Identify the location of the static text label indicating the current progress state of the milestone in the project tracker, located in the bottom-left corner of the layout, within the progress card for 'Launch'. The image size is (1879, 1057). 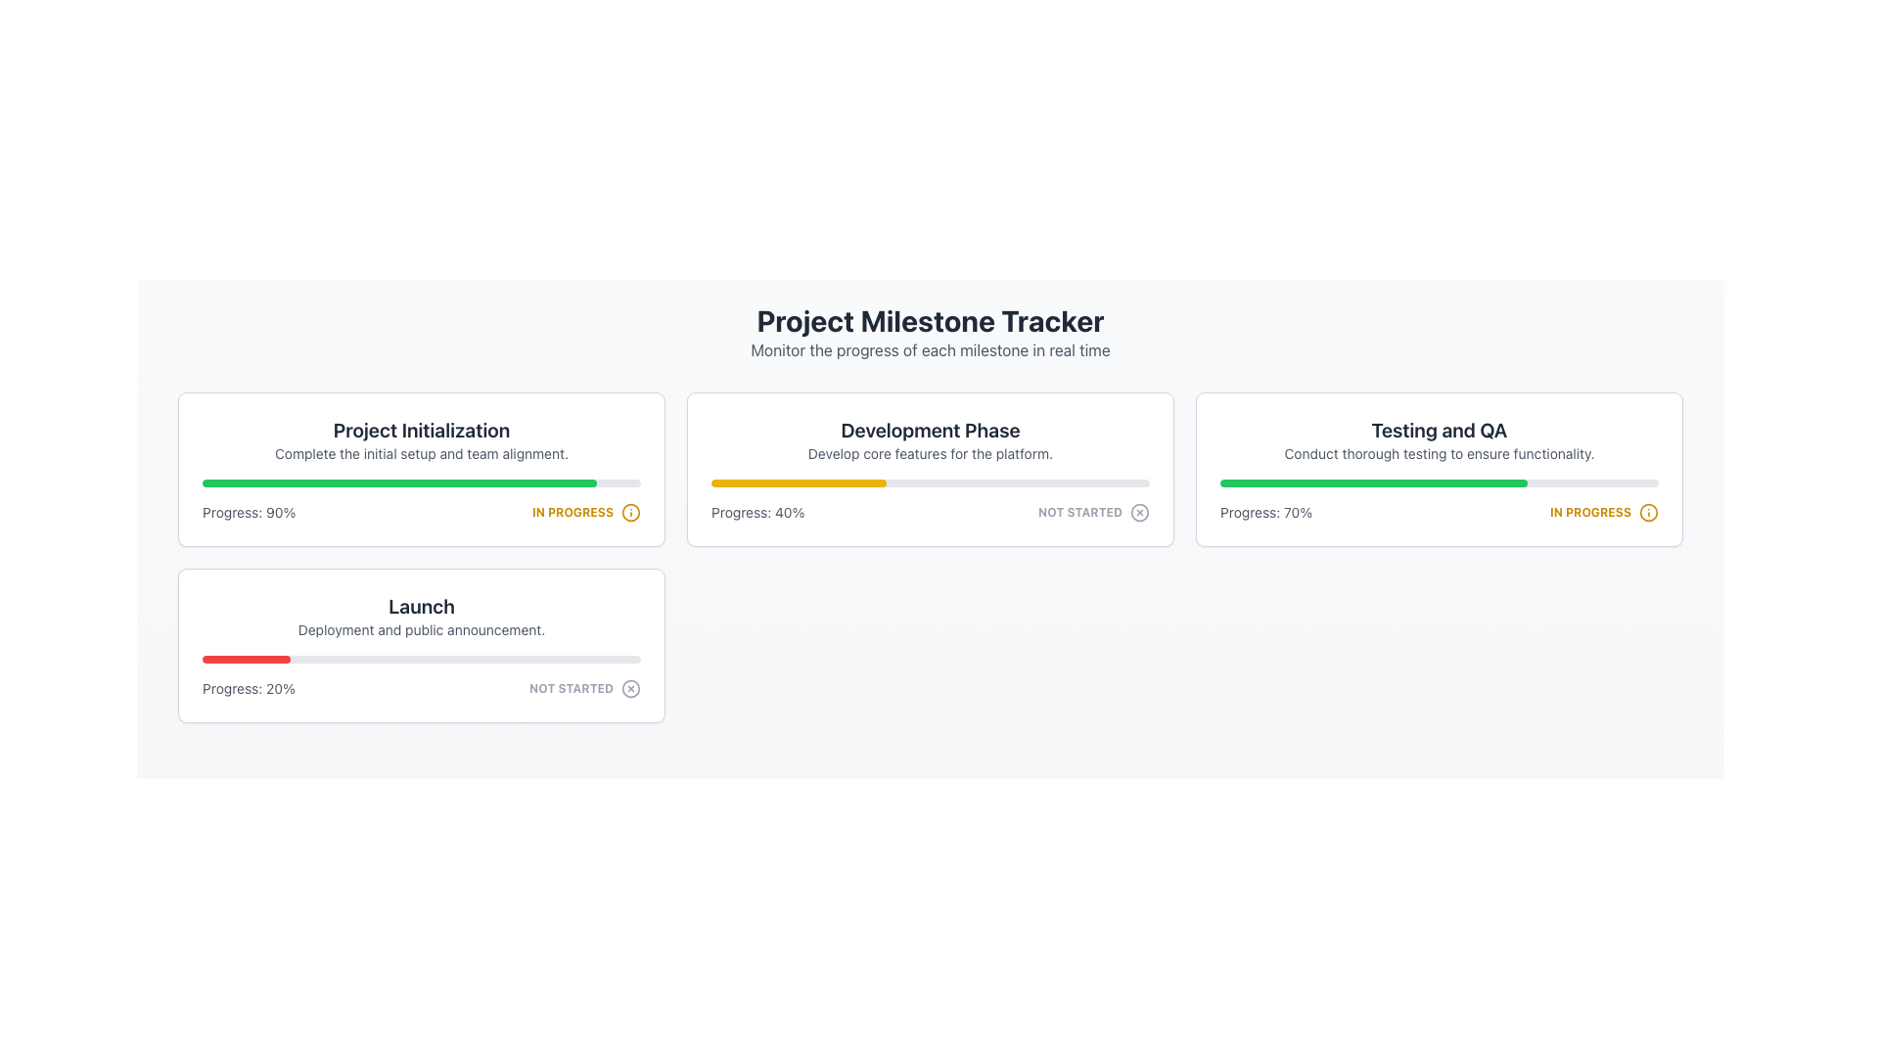
(571, 688).